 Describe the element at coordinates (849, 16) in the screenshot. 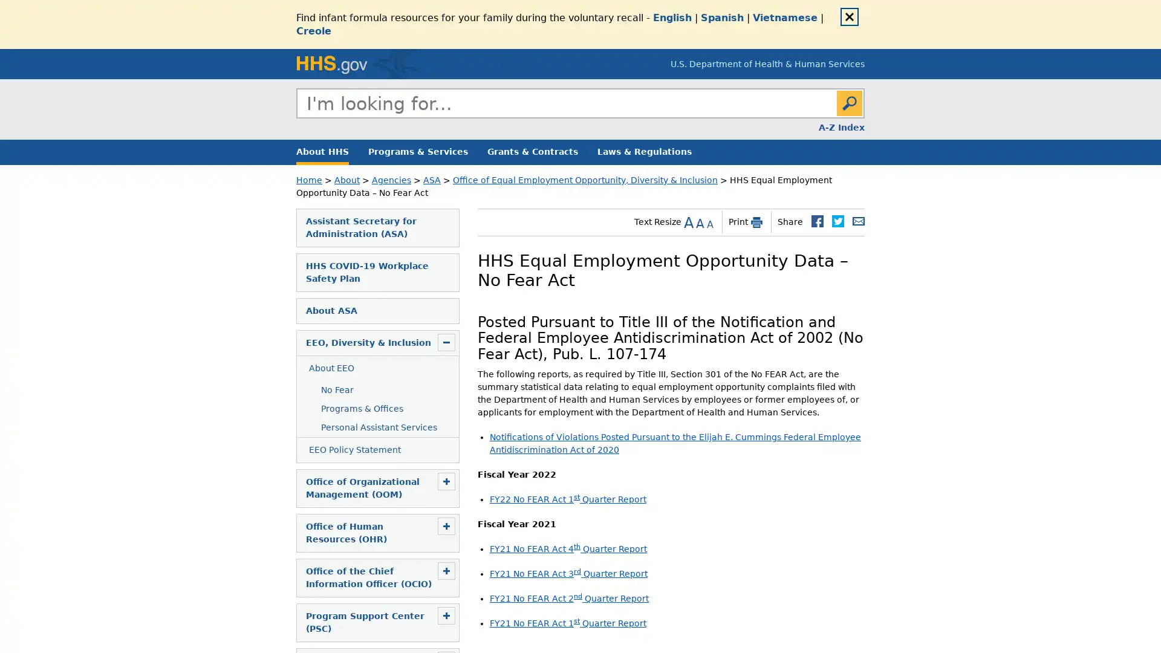

I see `Close` at that location.